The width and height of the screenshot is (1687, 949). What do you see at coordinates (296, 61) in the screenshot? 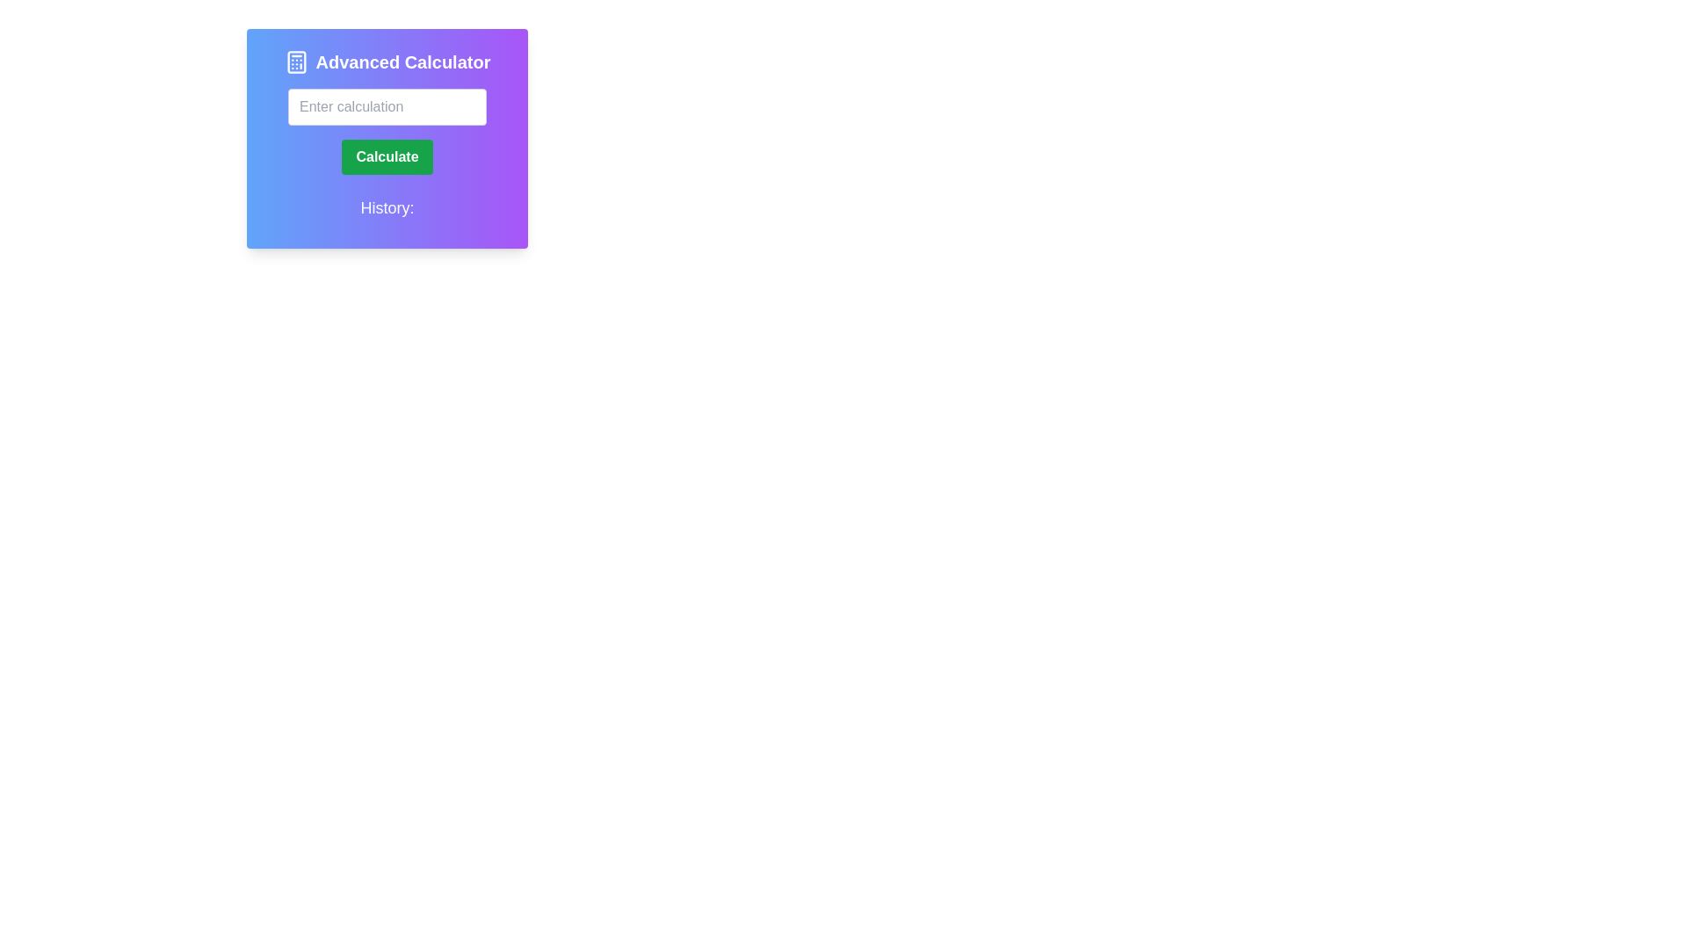
I see `the Decorative icon component located within the calculator icon at the top left of the interface, next to the text 'Advanced Calculator'` at bounding box center [296, 61].